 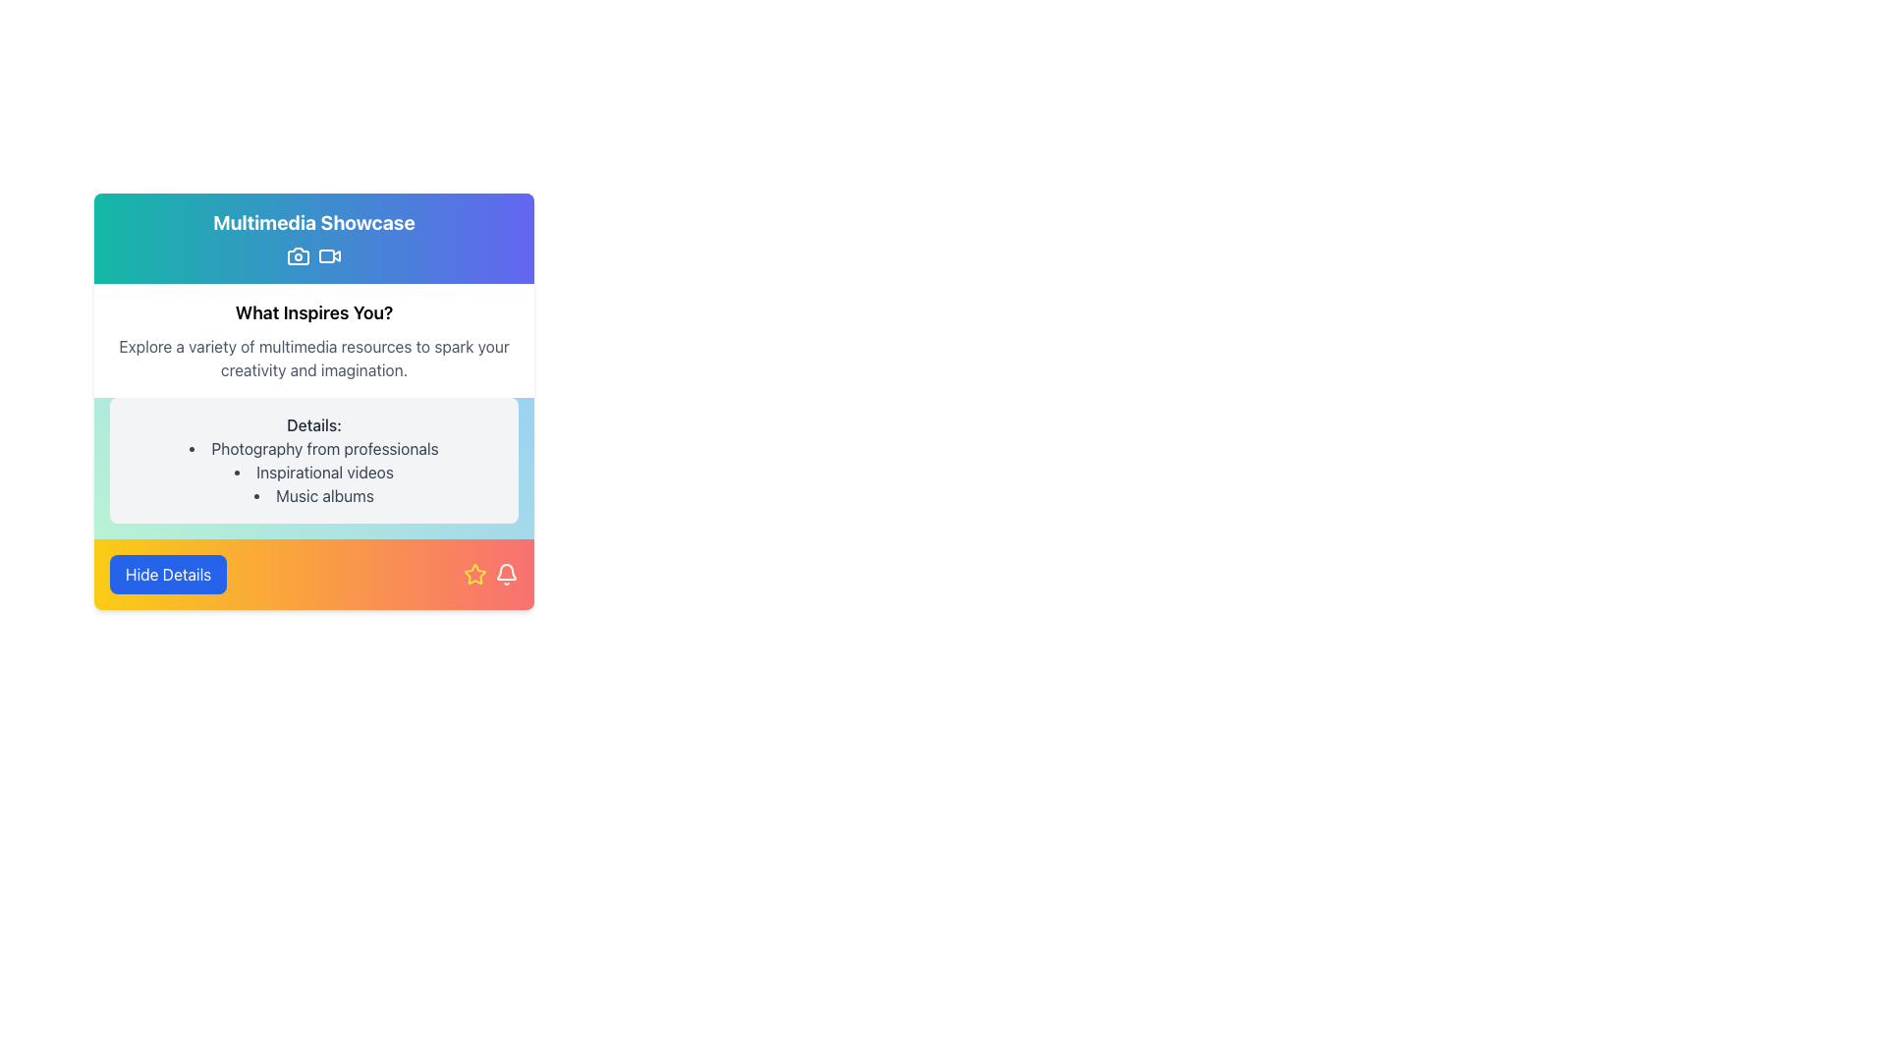 What do you see at coordinates (314, 340) in the screenshot?
I see `the static text block displaying 'What Inspires You?' and its descriptive text, which is centrally positioned within the card layout beneath the 'Multimedia Showcase' header` at bounding box center [314, 340].